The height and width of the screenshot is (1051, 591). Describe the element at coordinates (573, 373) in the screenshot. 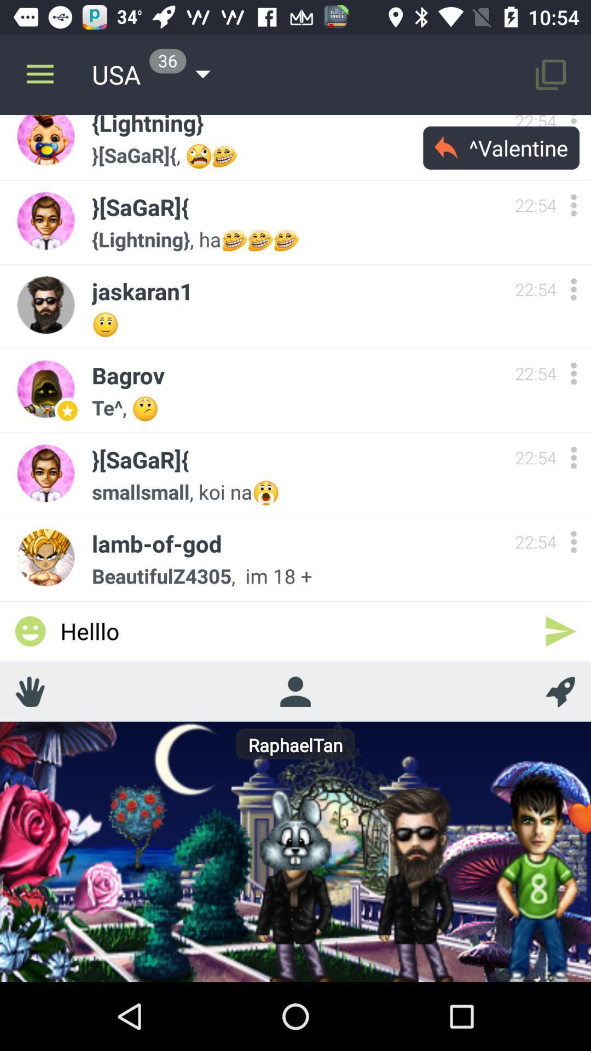

I see `the more icon` at that location.